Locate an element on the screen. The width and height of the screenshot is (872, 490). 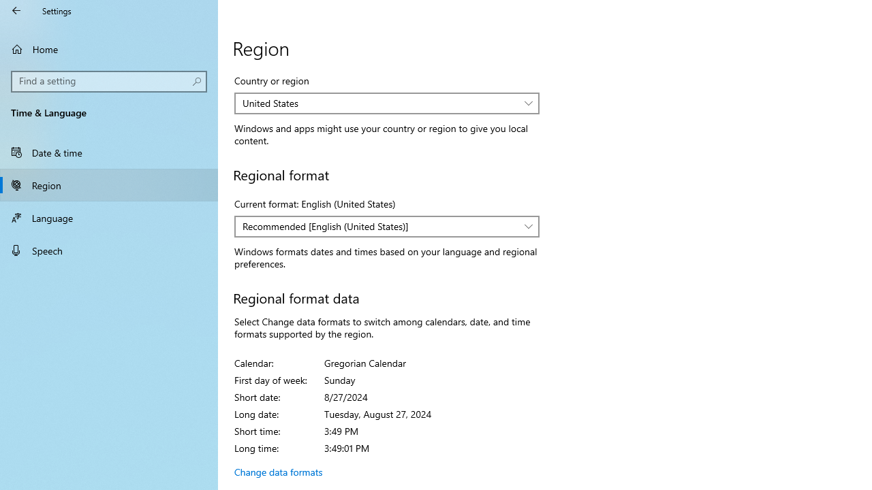
'Current format: English (United States)' is located at coordinates (386, 226).